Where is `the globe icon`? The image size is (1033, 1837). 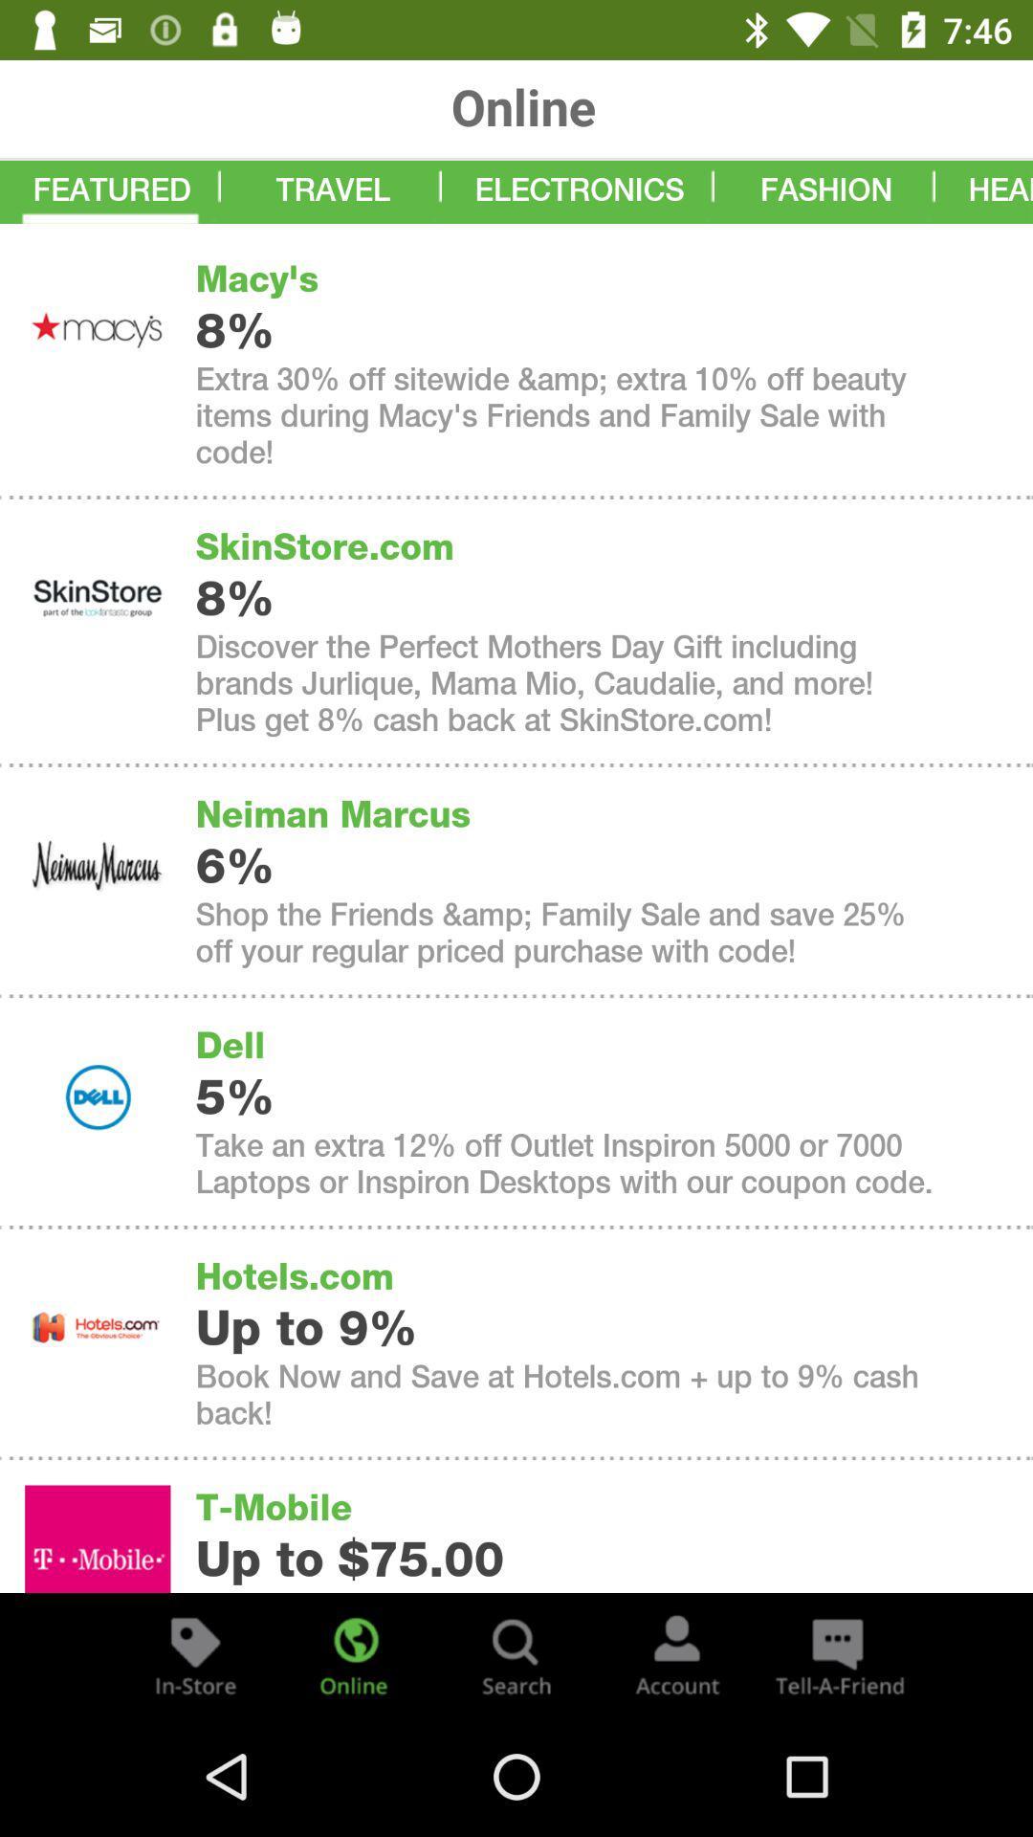 the globe icon is located at coordinates (355, 1653).